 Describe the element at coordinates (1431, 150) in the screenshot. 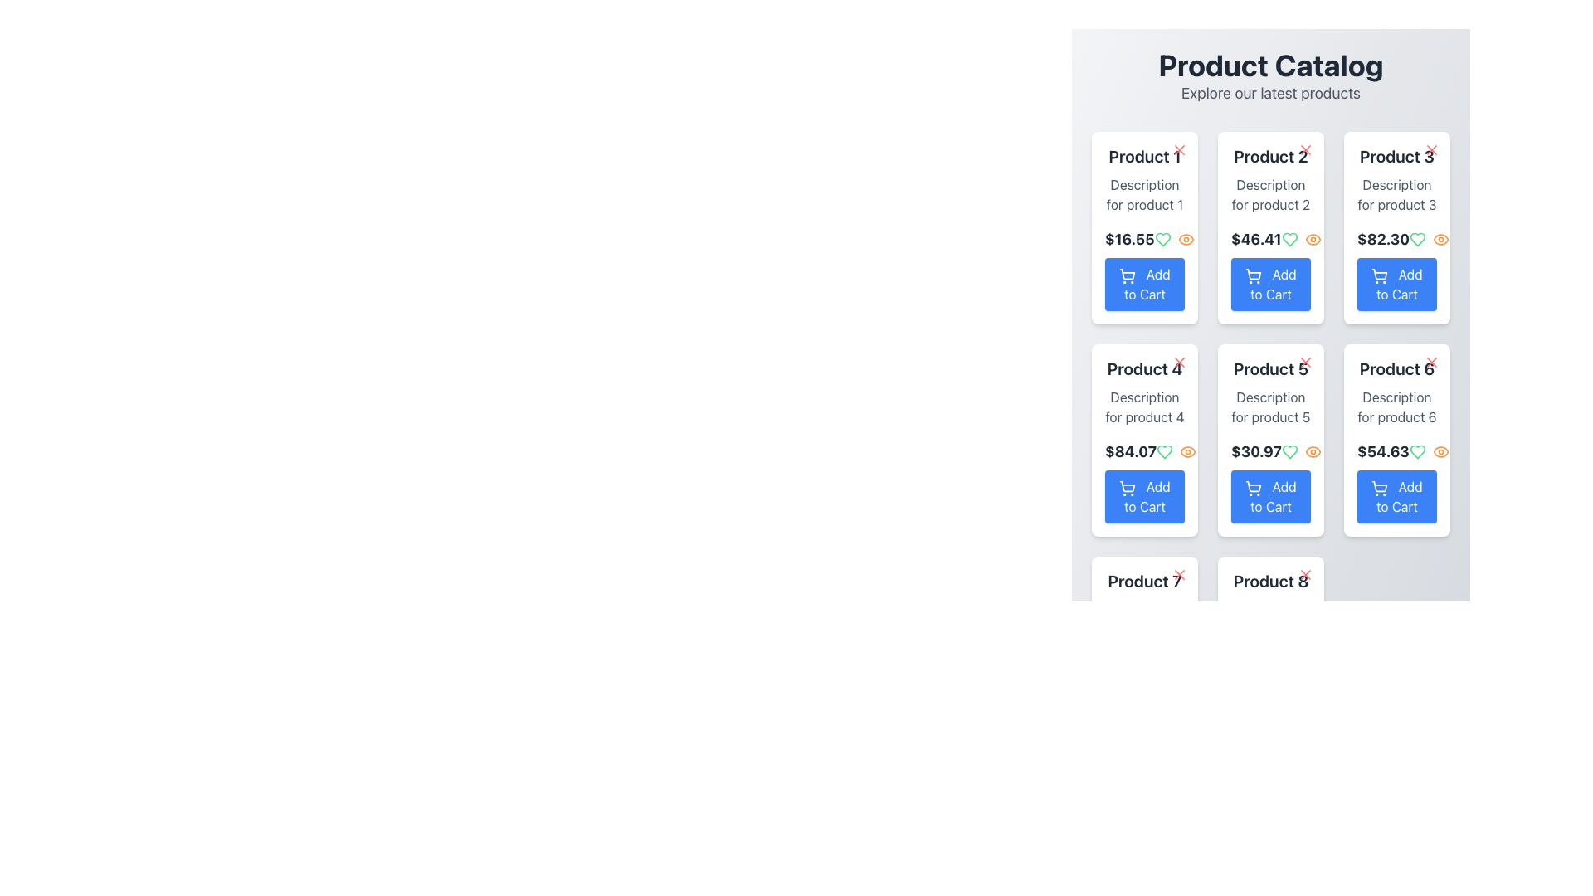

I see `the small red 'X' button located at the top-right corner of the 'Product 3' card to change its appearance` at that location.